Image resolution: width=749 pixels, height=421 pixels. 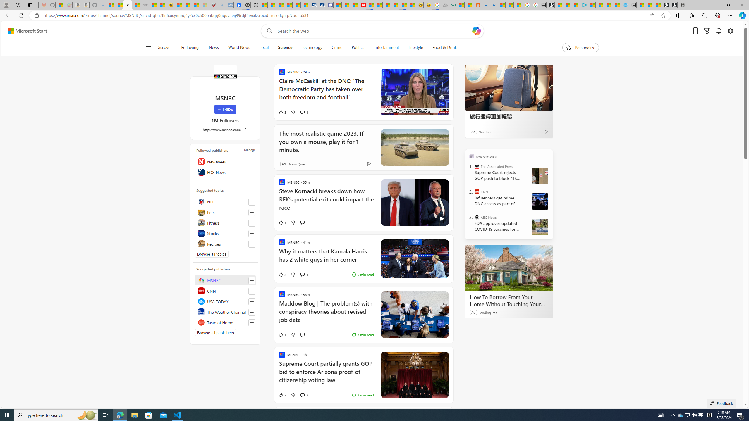 What do you see at coordinates (312, 47) in the screenshot?
I see `'Technology'` at bounding box center [312, 47].